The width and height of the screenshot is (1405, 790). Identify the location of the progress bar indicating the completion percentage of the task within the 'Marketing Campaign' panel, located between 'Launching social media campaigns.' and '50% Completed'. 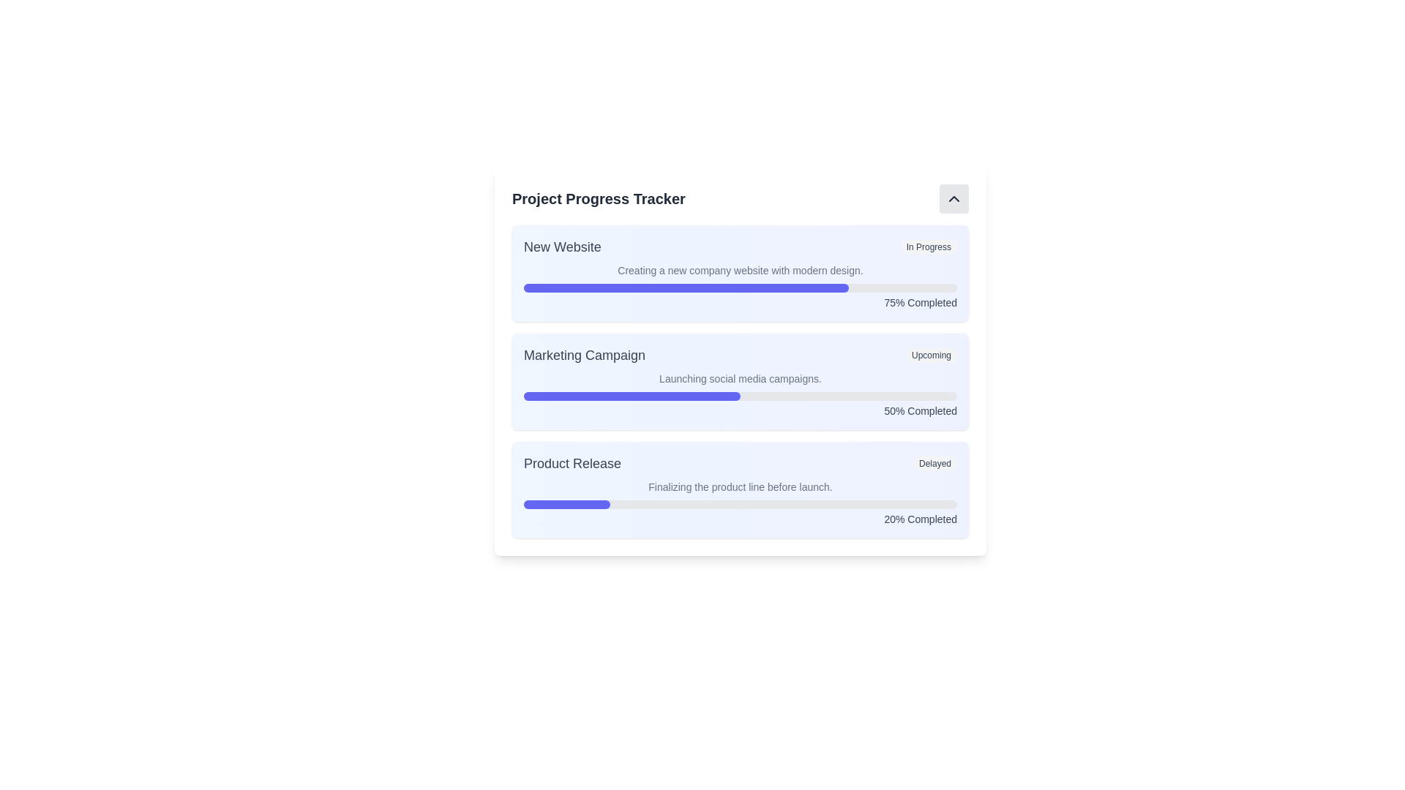
(741, 396).